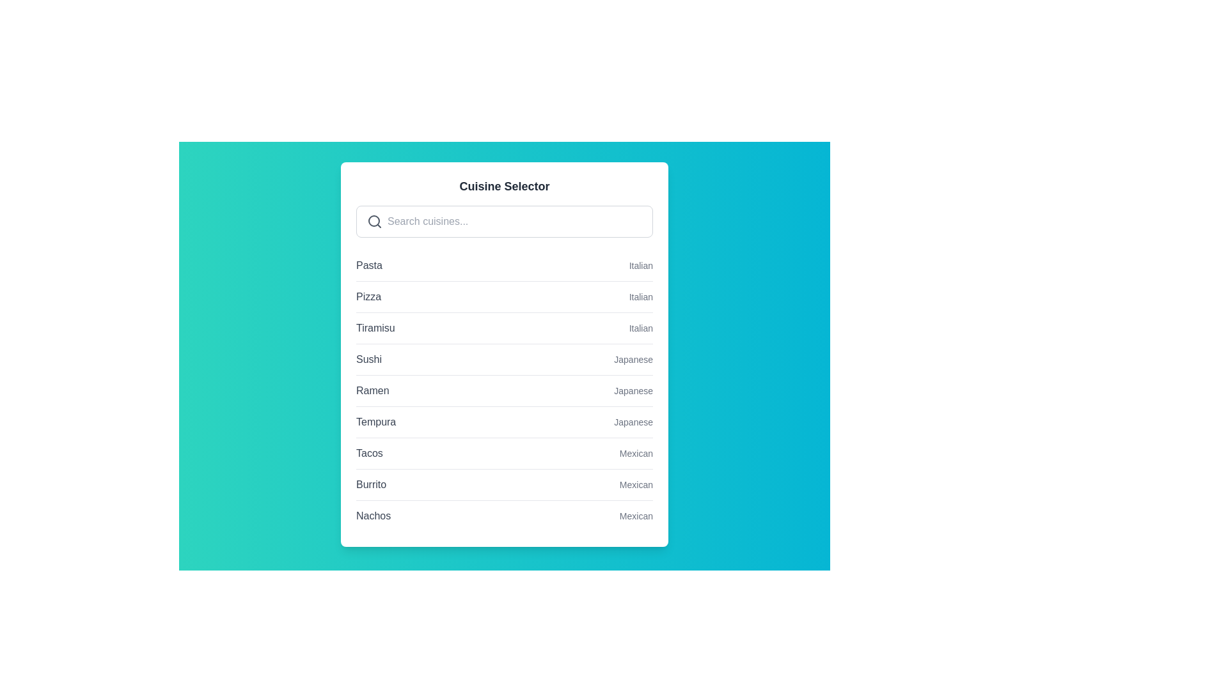 The width and height of the screenshot is (1228, 690). I want to click on text content of the 'Japanese' cuisine label, which is a text label serving as the title or main descriptor of the specific item, located in the center of the interface, so click(375, 422).